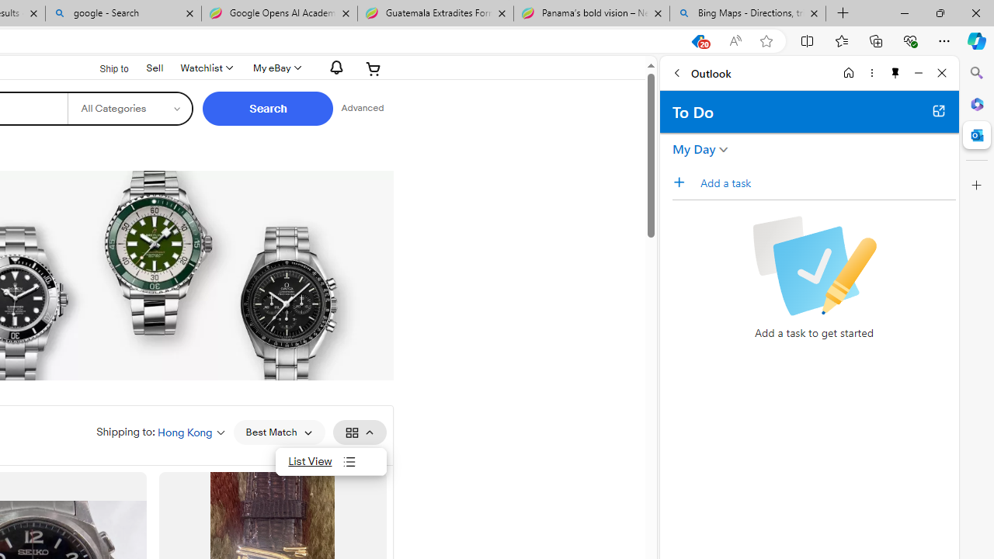 The width and height of the screenshot is (994, 559). Describe the element at coordinates (103, 67) in the screenshot. I see `'Ship to'` at that location.